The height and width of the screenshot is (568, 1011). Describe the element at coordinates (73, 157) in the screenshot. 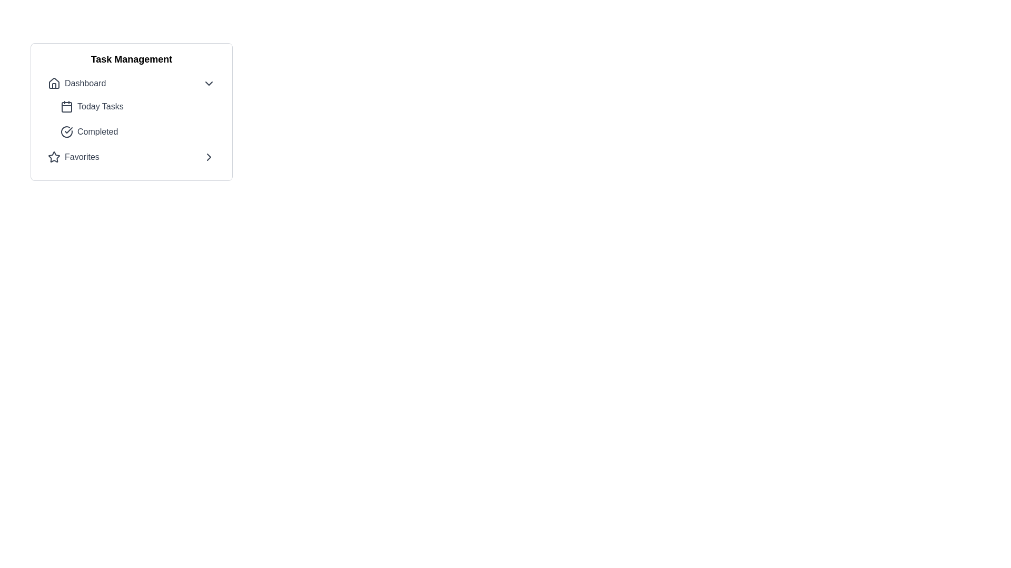

I see `the 'Favorites' navigation menu item, which consists of a star icon followed by the text 'Favorites', positioned as the fourth item under the 'Task Management' section` at that location.